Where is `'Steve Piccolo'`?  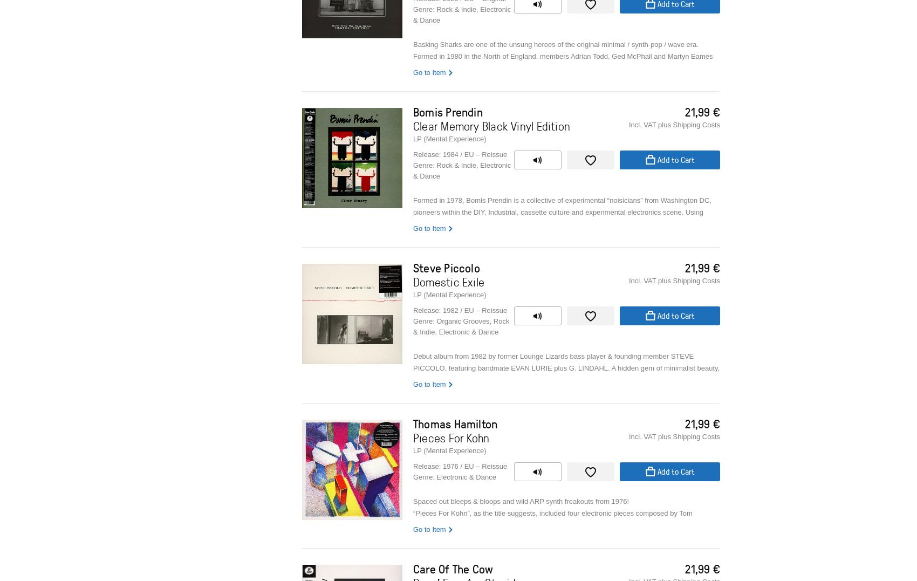
'Steve Piccolo' is located at coordinates (446, 268).